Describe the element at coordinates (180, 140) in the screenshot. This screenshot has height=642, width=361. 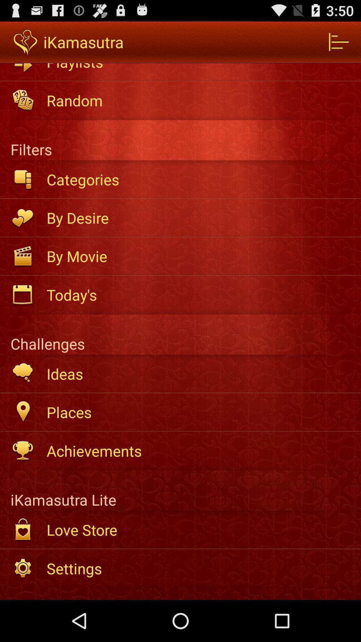
I see `the filters app` at that location.